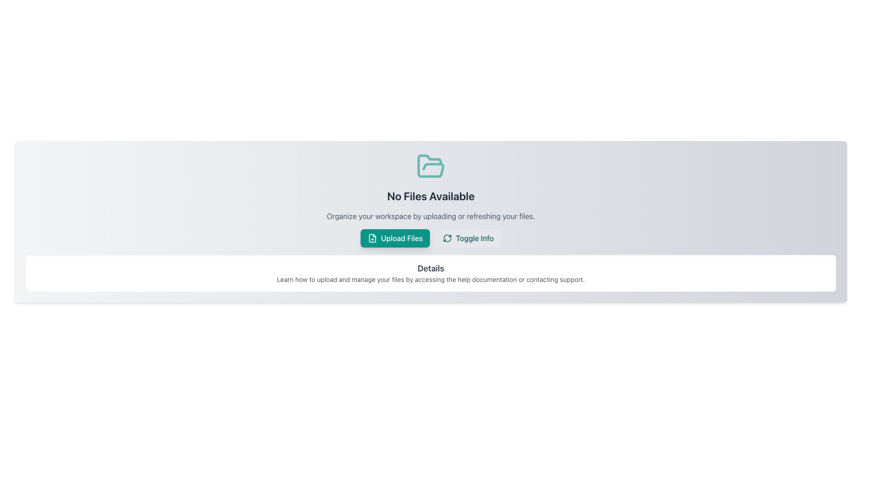 The width and height of the screenshot is (883, 496). I want to click on the 'Upload Files' button, so click(395, 238).